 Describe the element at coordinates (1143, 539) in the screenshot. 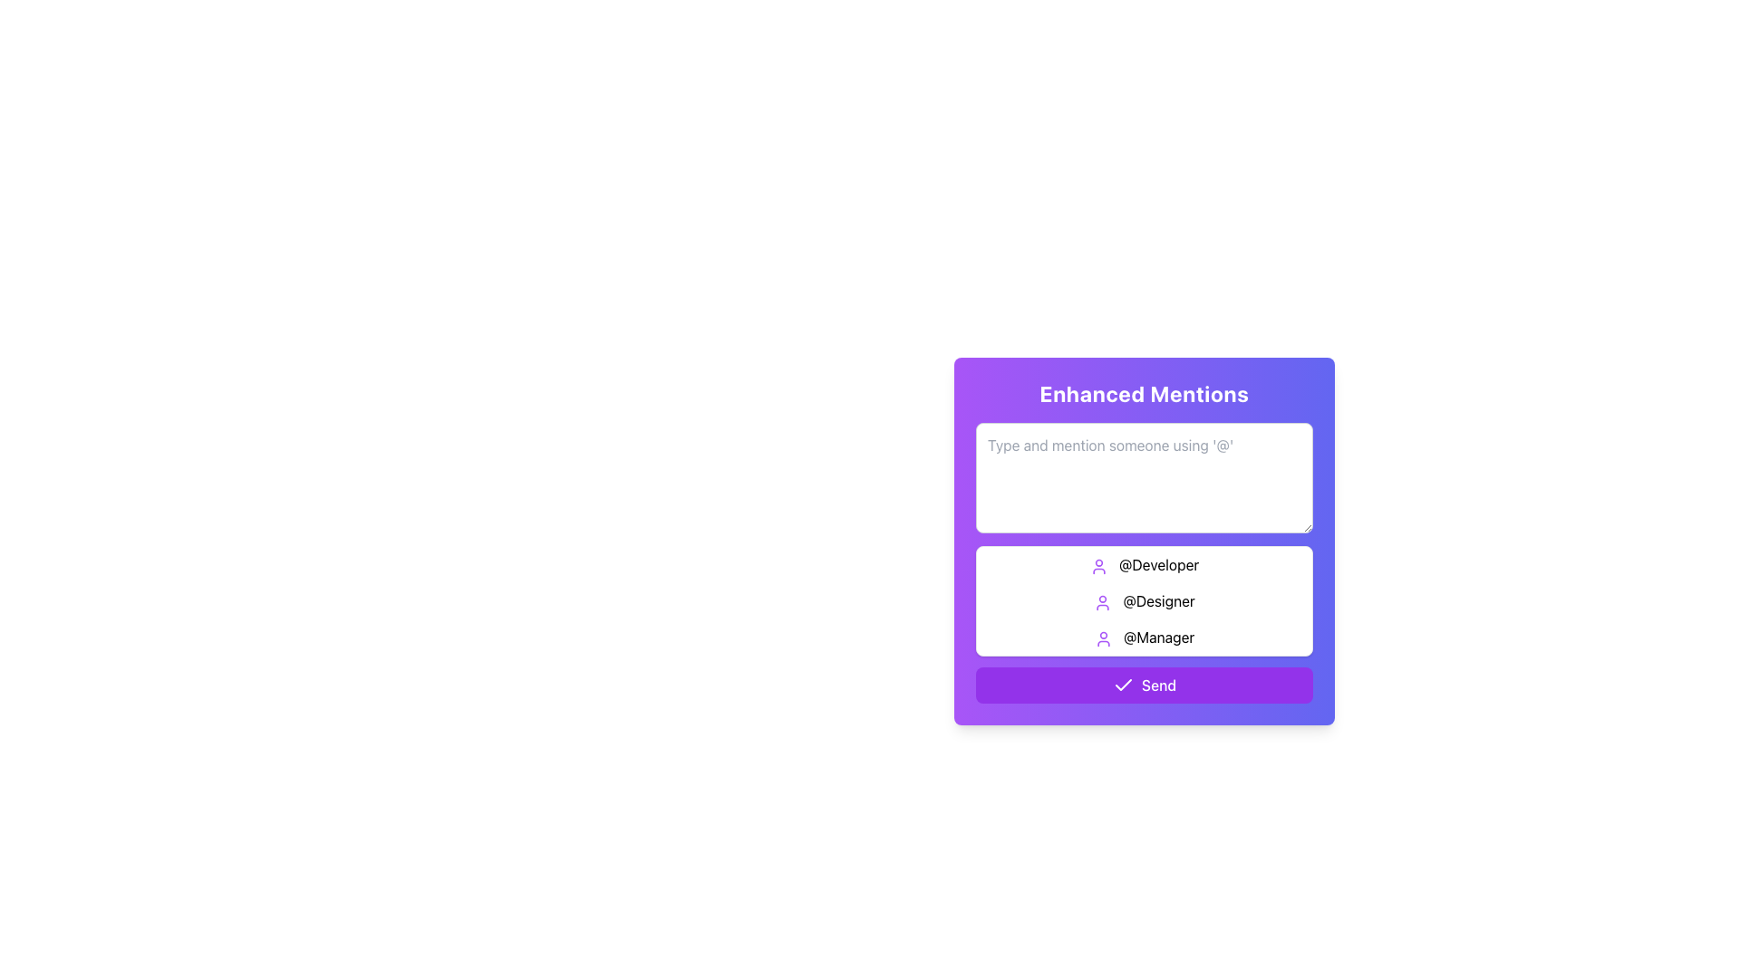

I see `the Text Input Area located below the 'Enhanced Mentions' header and above the mention suggestions list, which allows users to input text and mention others by typing '@'` at that location.